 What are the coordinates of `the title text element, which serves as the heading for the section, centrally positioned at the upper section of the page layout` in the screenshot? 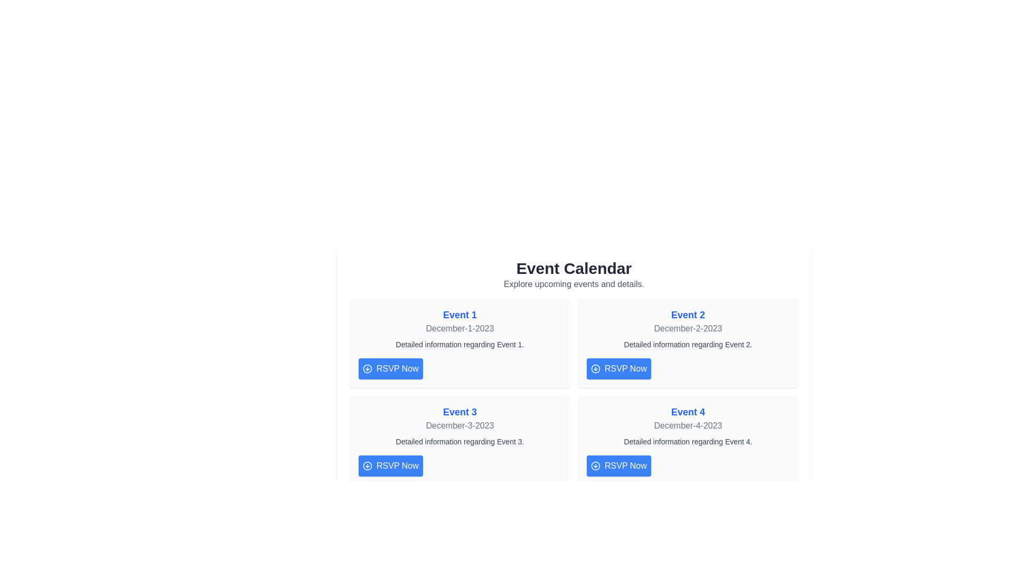 It's located at (573, 268).